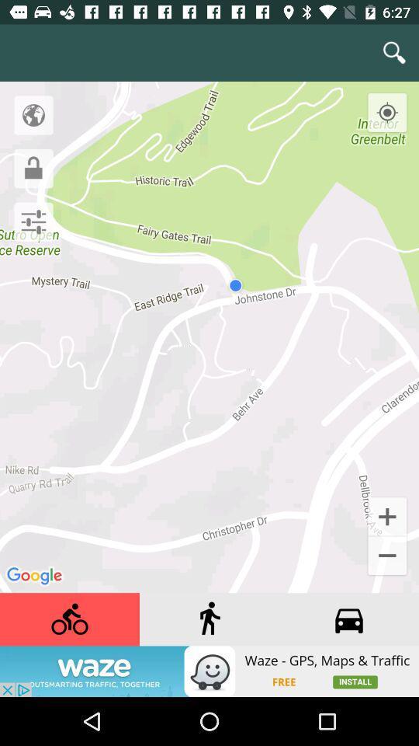  I want to click on the star icon, so click(386, 242).